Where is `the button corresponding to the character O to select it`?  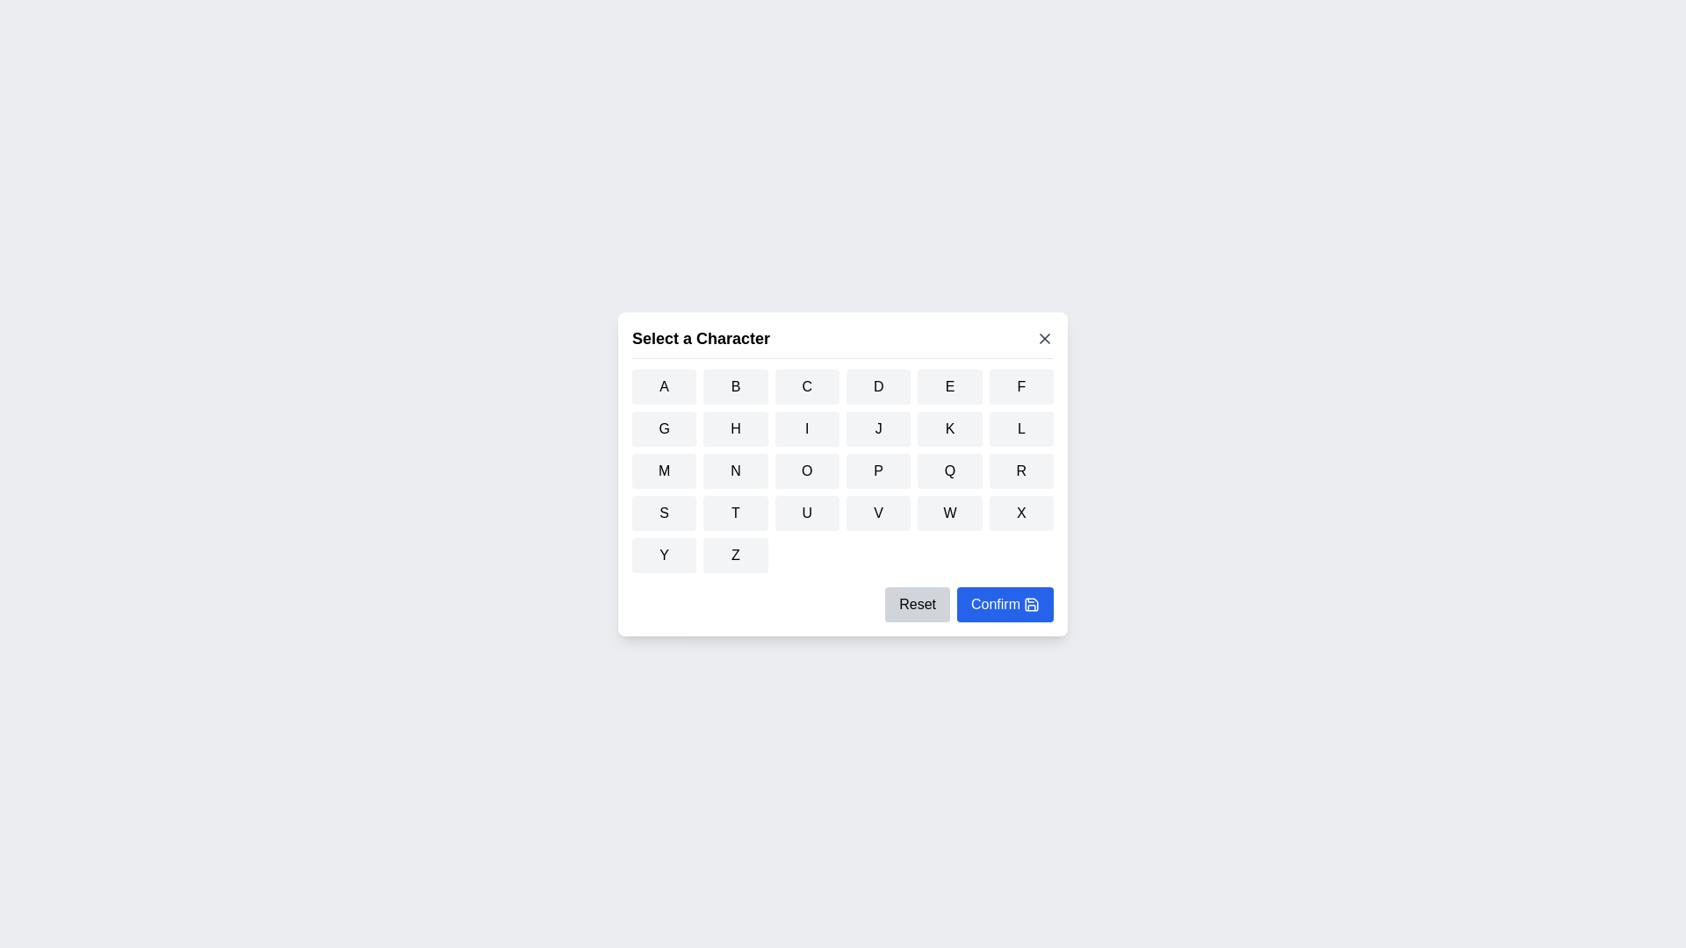
the button corresponding to the character O to select it is located at coordinates (805, 470).